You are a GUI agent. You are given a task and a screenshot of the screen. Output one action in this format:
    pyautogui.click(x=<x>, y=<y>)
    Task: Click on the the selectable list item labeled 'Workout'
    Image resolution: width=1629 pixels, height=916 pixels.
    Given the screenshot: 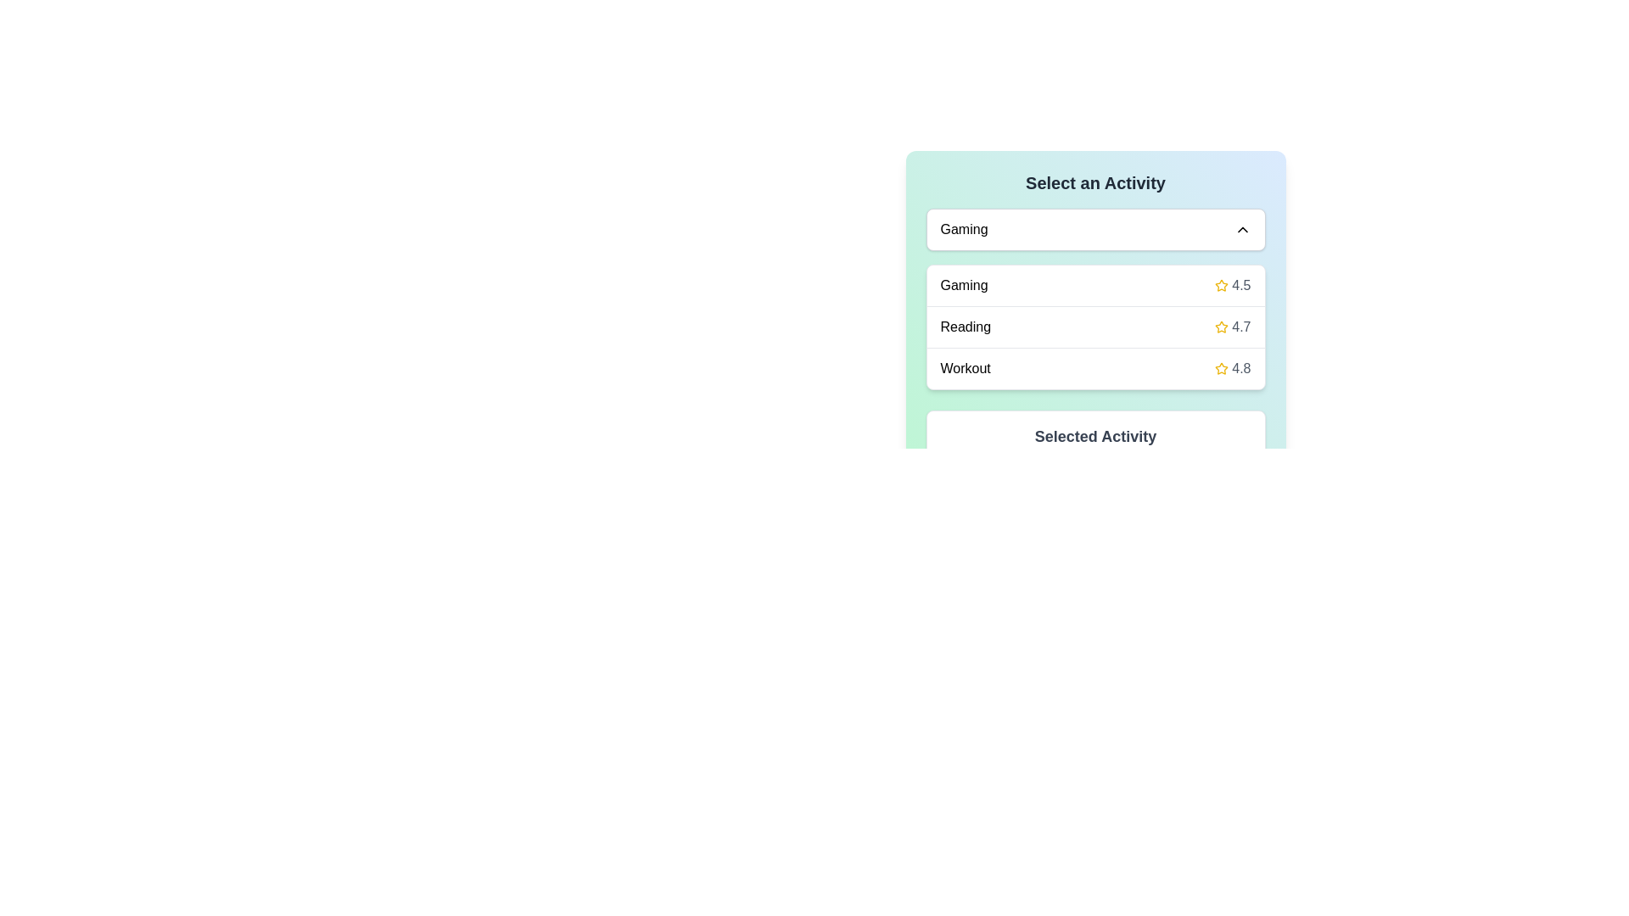 What is the action you would take?
    pyautogui.click(x=965, y=368)
    